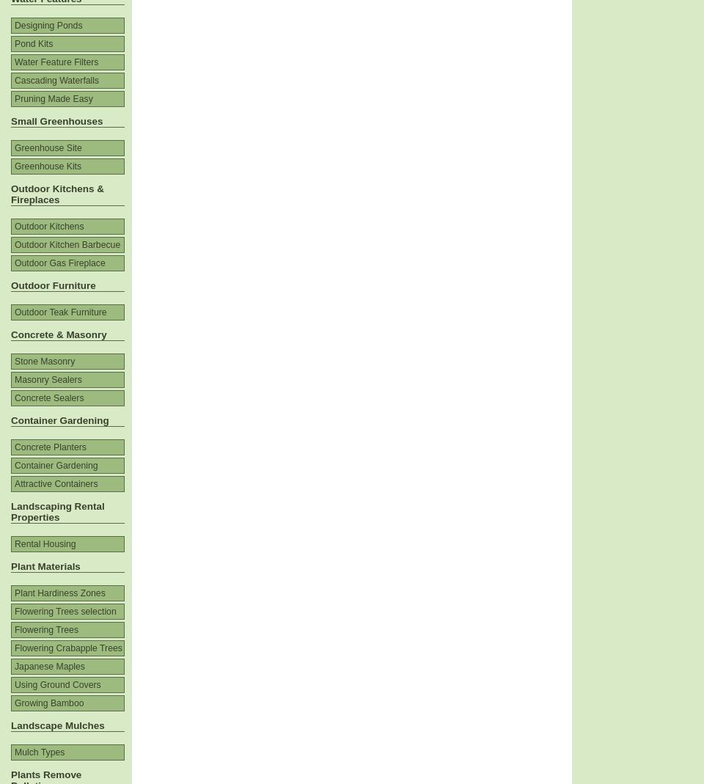 The width and height of the screenshot is (704, 784). What do you see at coordinates (48, 379) in the screenshot?
I see `'Masonry Sealers'` at bounding box center [48, 379].